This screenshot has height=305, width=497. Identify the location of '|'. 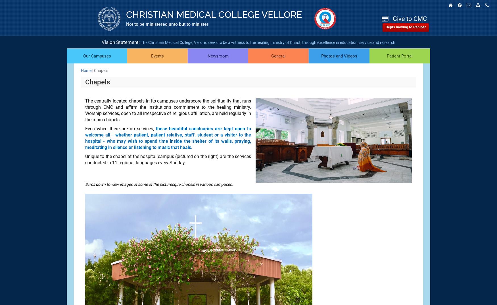
(93, 70).